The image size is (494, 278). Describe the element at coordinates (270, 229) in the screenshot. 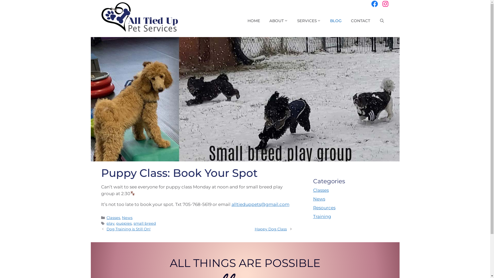

I see `'Happy Dog Class'` at that location.